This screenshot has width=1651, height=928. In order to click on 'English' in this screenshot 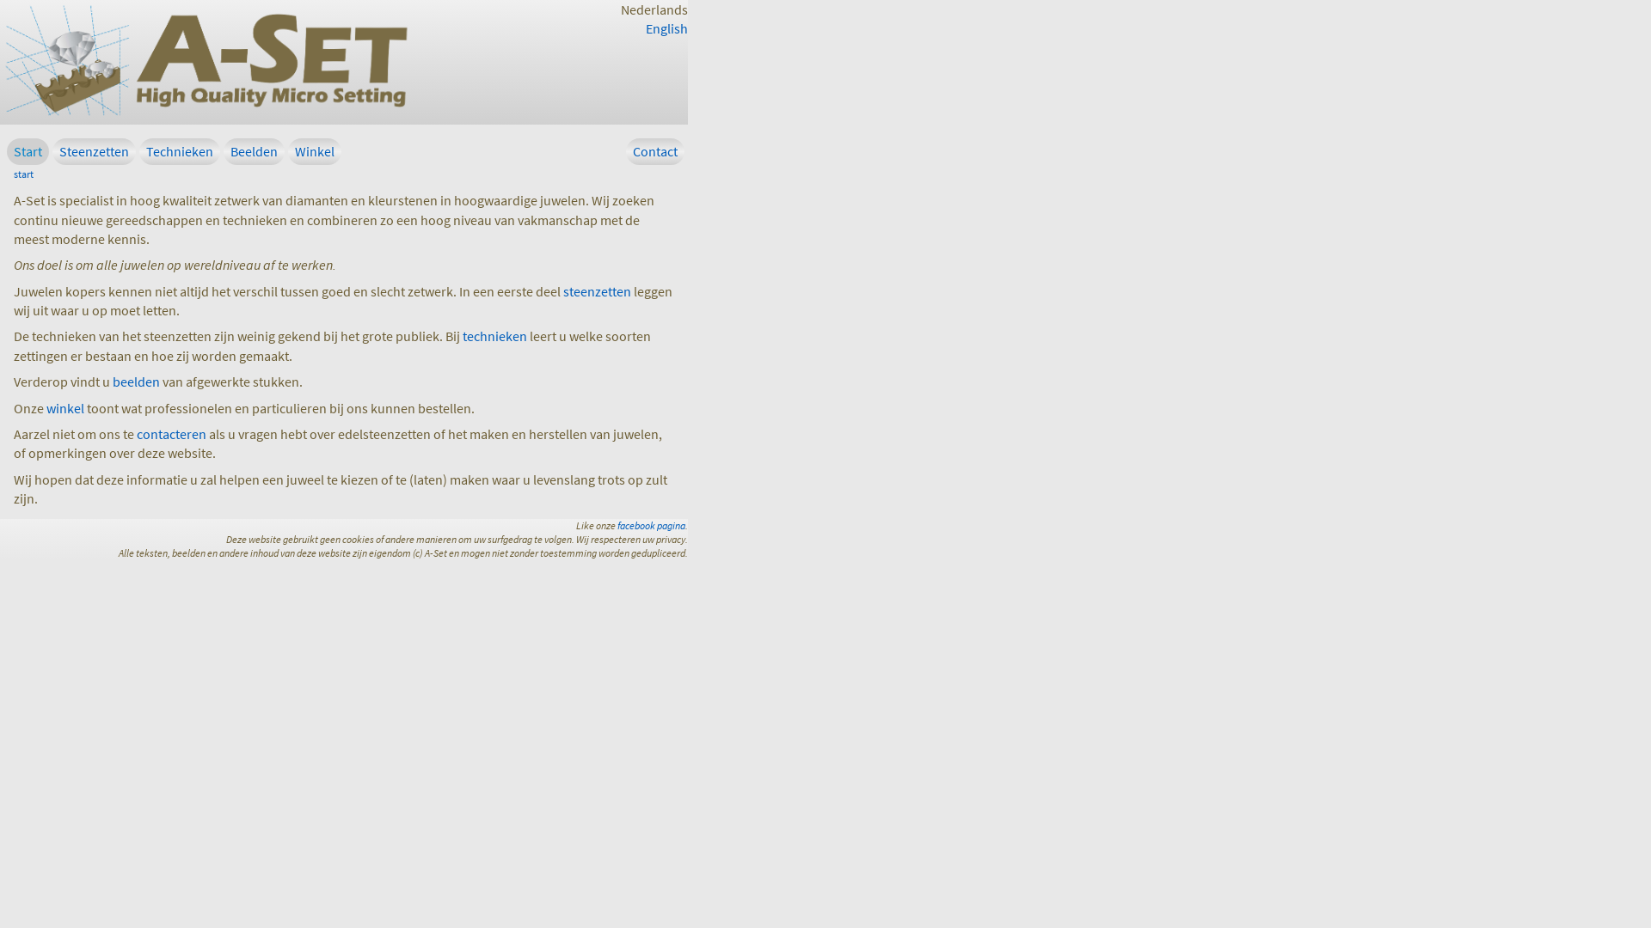, I will do `click(666, 28)`.